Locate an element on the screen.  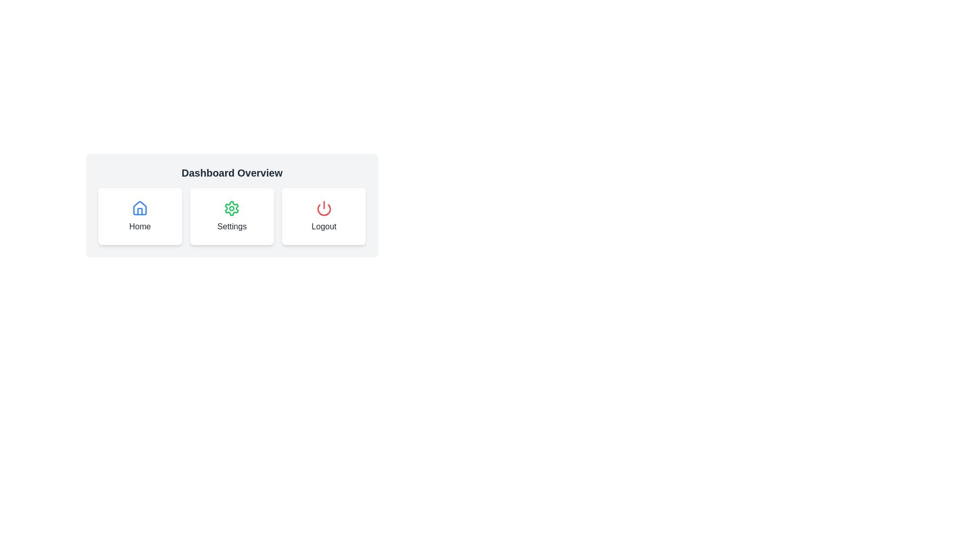
the door element of the SVG house icon, which is centrally aligned at the bottom of the house, positioned below the triangular roof is located at coordinates (140, 211).